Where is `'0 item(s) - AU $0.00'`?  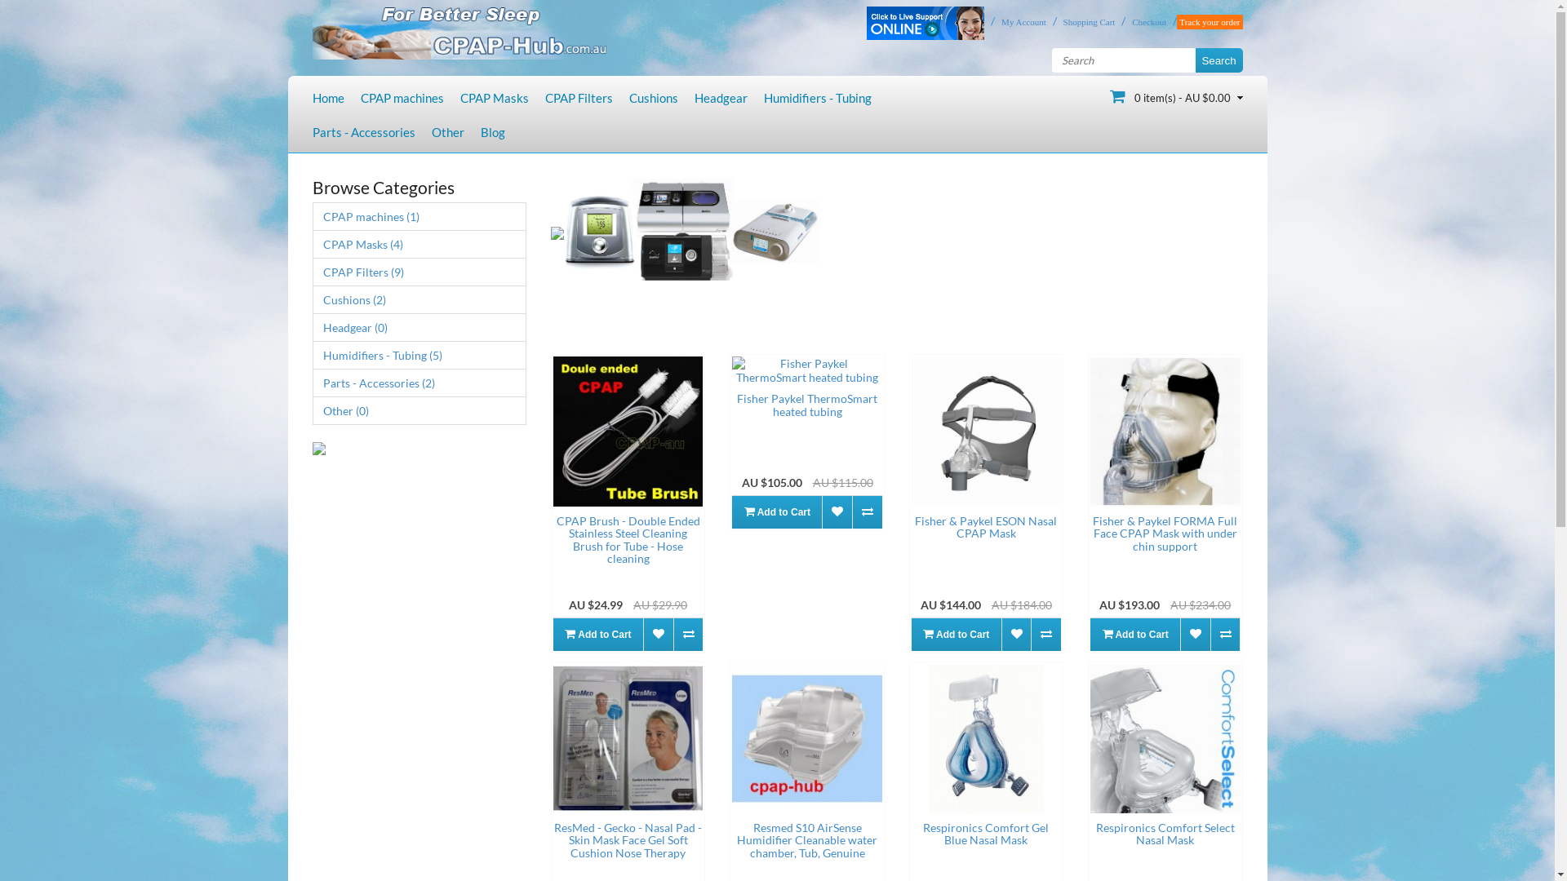
'0 item(s) - AU $0.00' is located at coordinates (1176, 96).